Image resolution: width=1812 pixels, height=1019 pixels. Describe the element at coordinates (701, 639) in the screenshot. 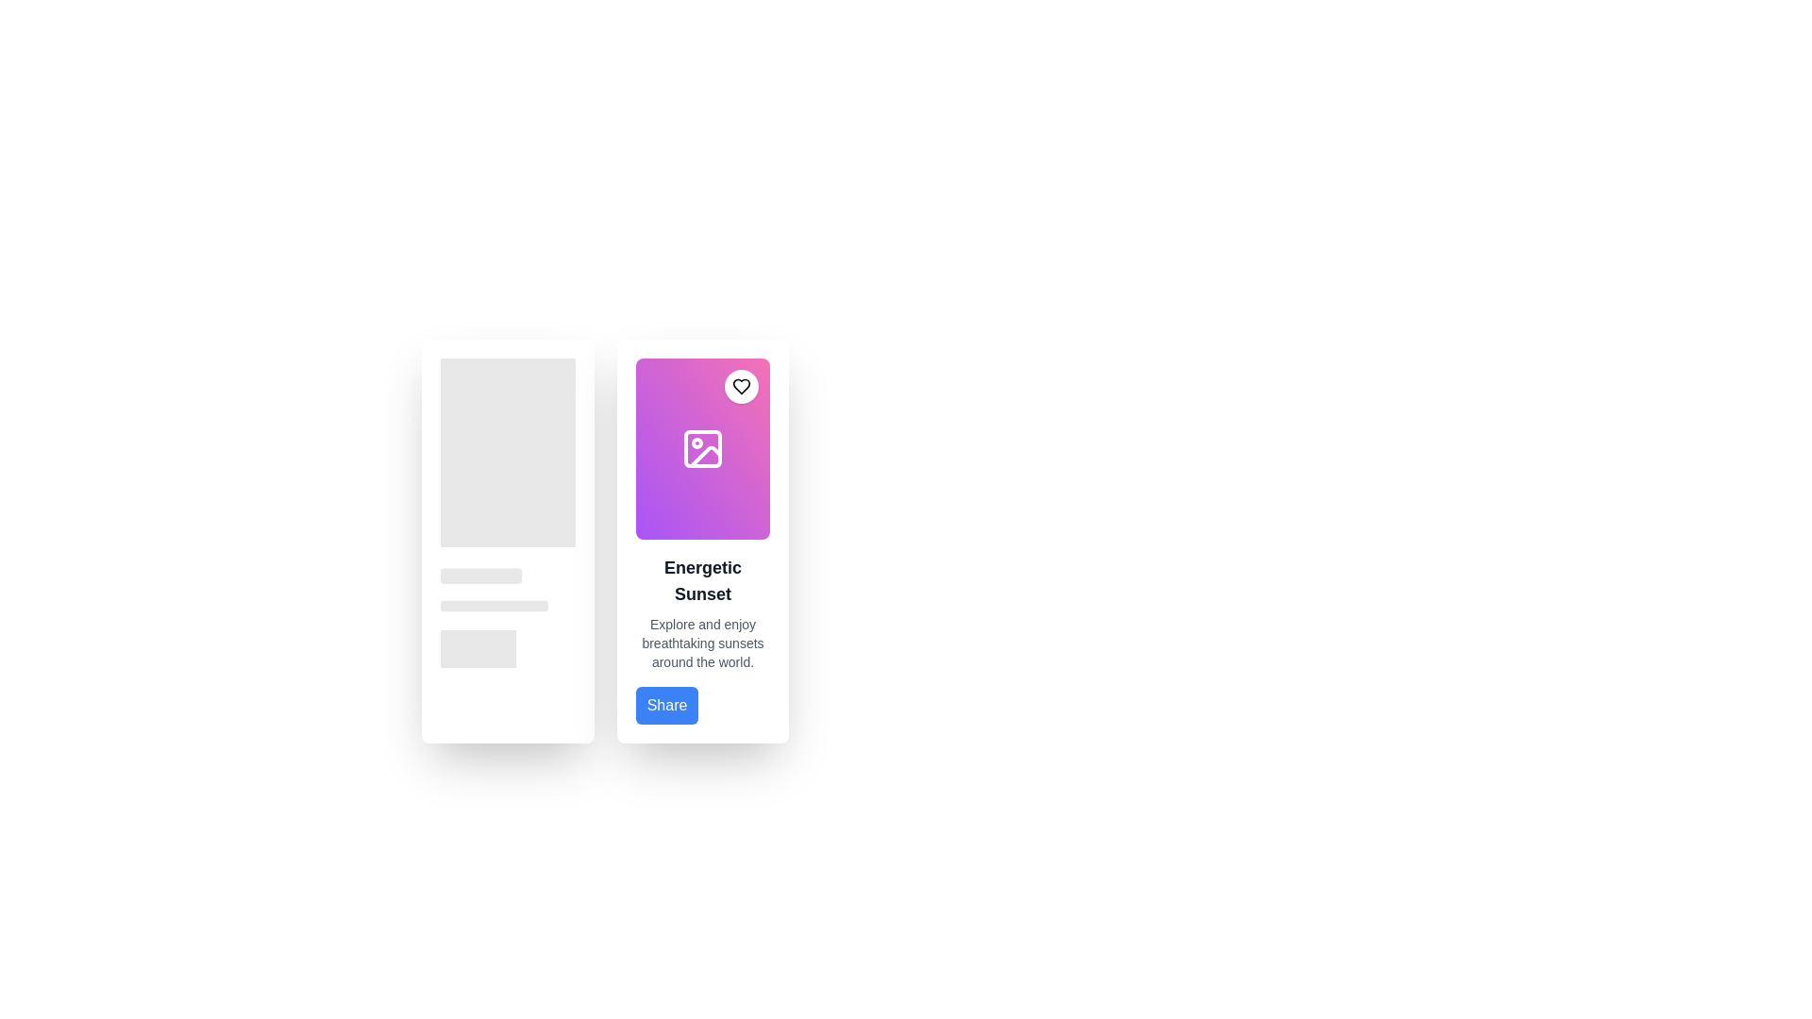

I see `description for the 'Energetic Sunset' element, which includes a title, a descriptive text, and a 'Share' button` at that location.